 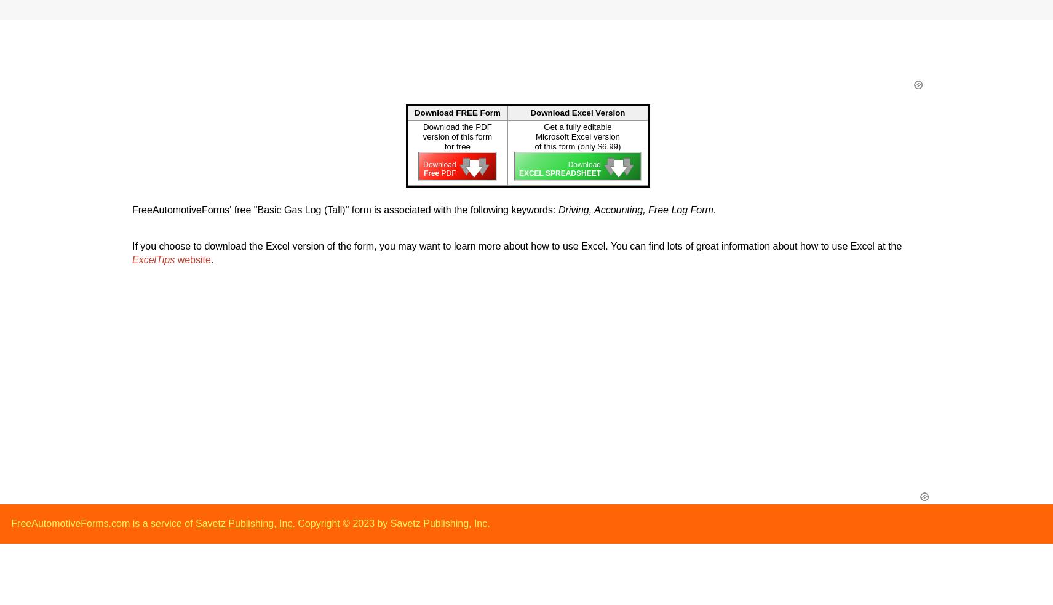 I want to click on 'ExcelTips', so click(x=153, y=259).